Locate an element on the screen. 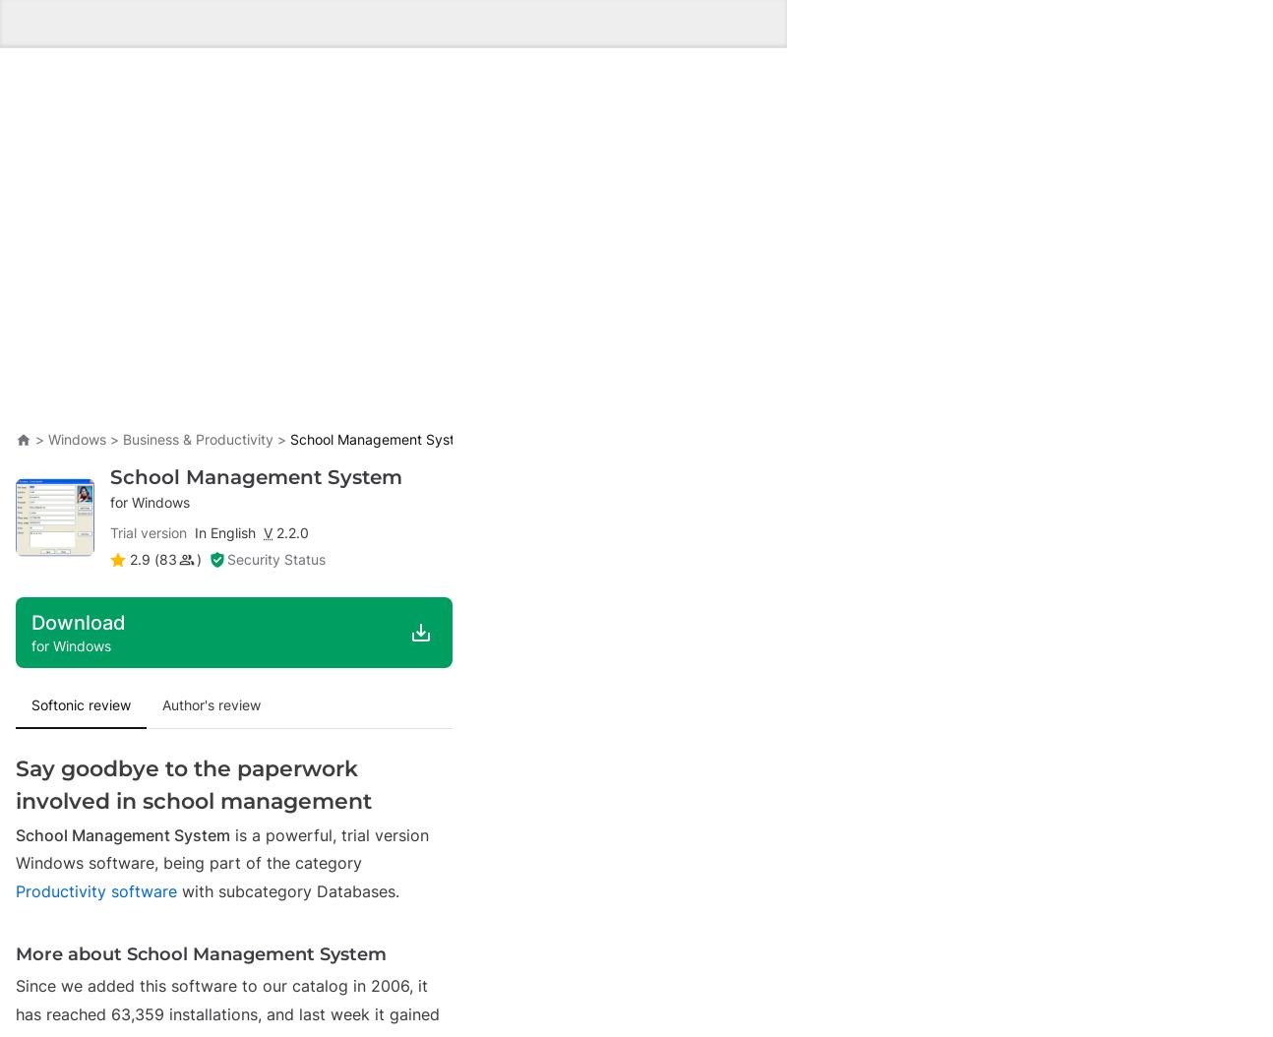 Image resolution: width=1273 pixels, height=1037 pixels. 'Breaking News' is located at coordinates (84, 904).